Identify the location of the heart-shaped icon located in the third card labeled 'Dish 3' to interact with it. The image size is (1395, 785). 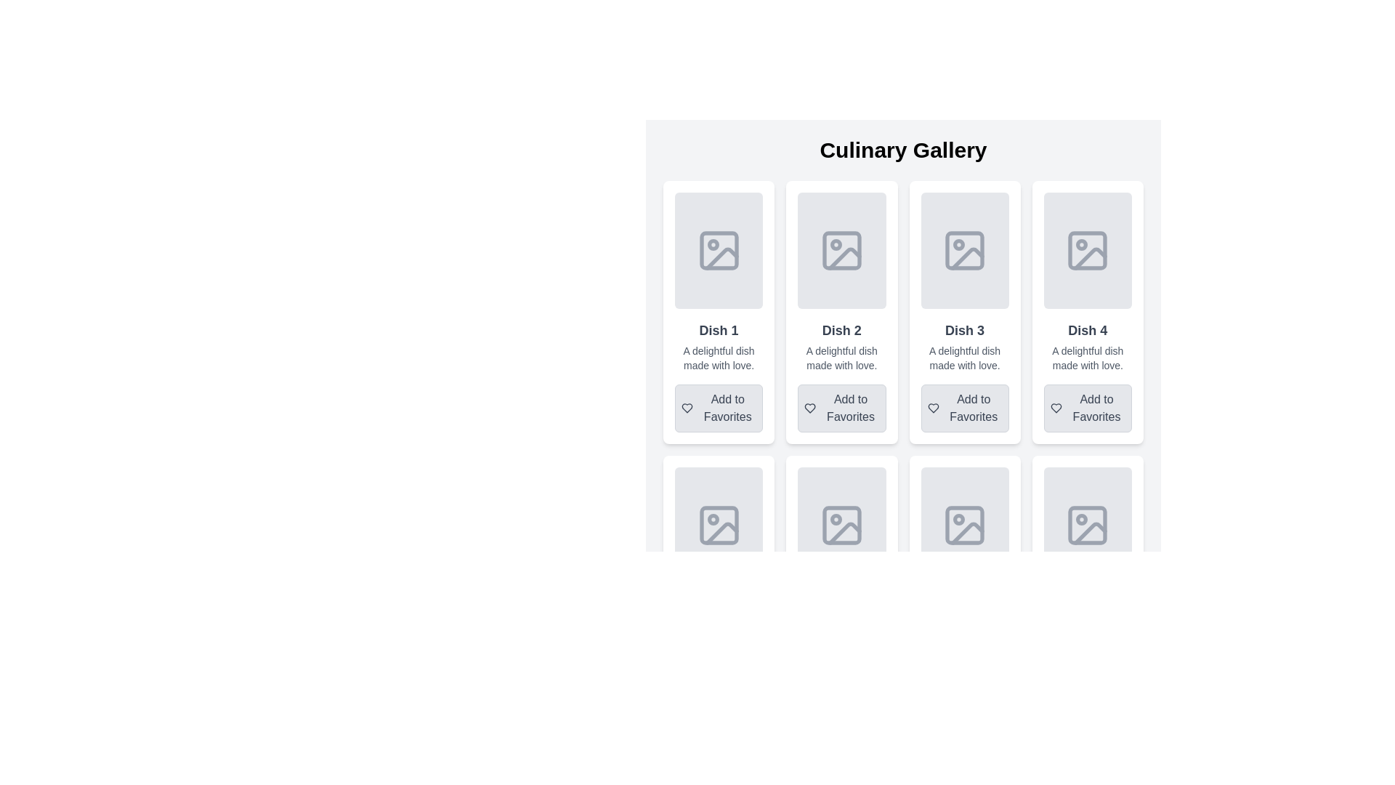
(933, 408).